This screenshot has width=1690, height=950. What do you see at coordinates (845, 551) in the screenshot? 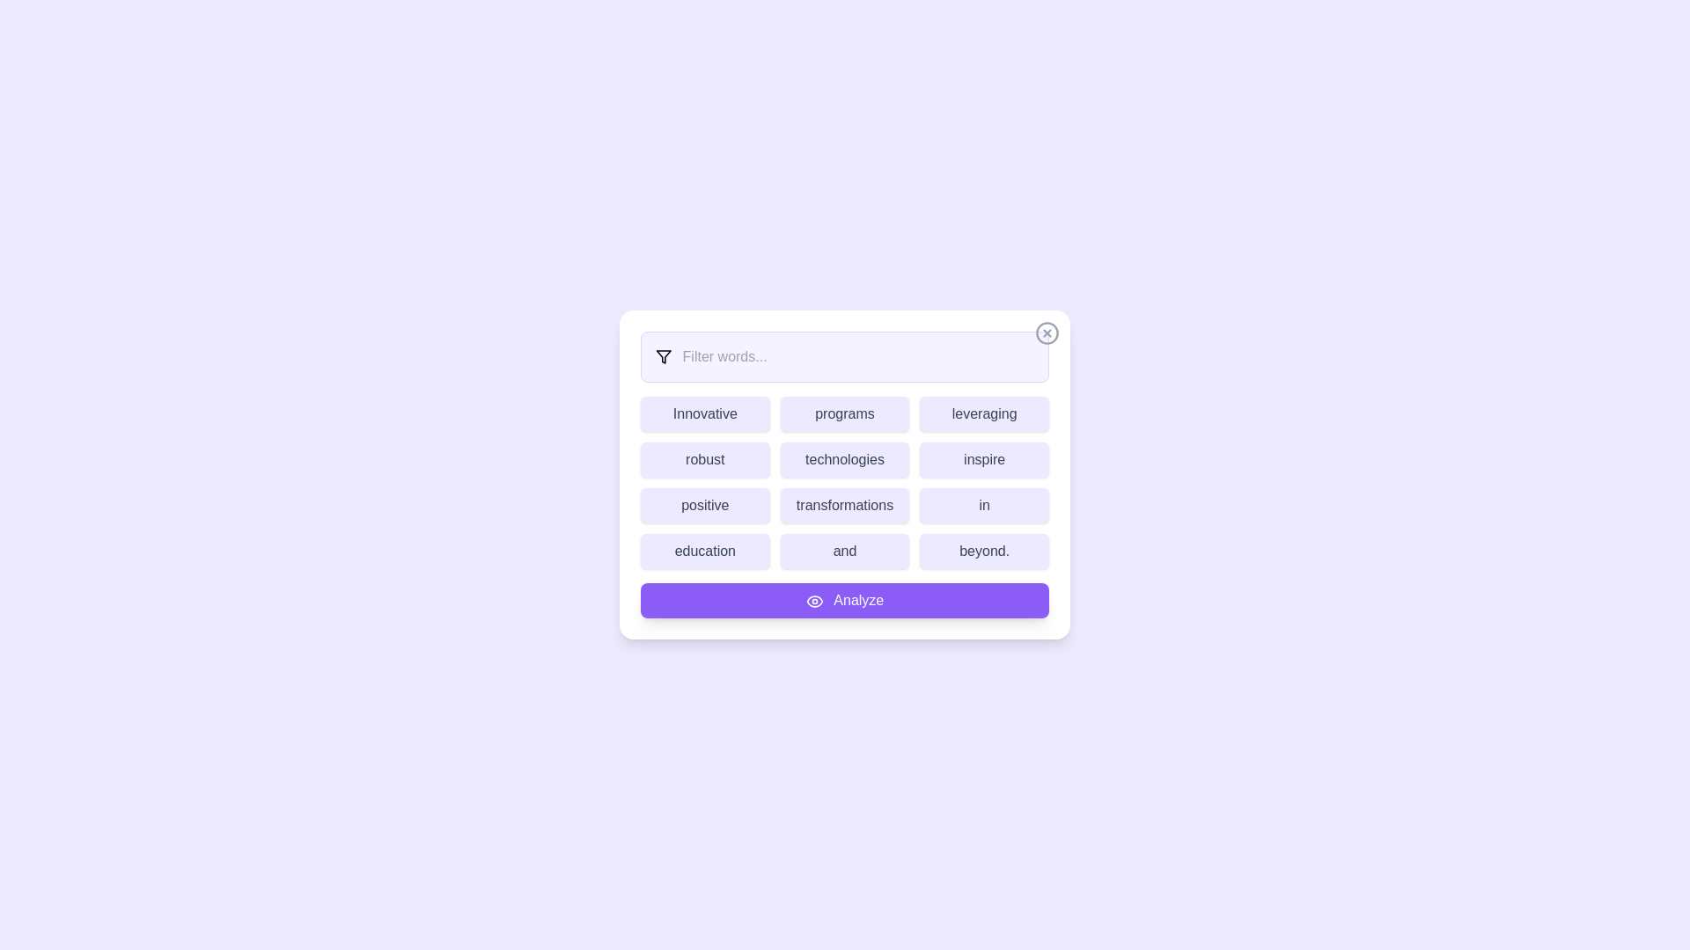
I see `the word and to highlight it` at bounding box center [845, 551].